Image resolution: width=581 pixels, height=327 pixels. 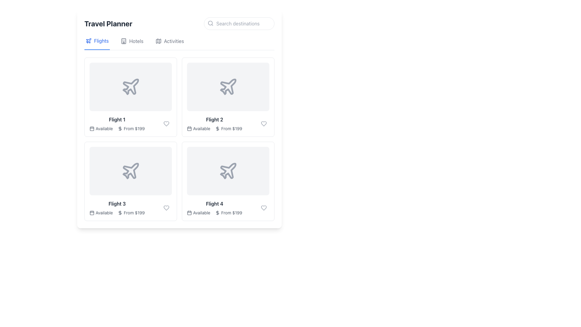 What do you see at coordinates (101, 128) in the screenshot?
I see `the label with the text 'Available' and a calendar icon to its left, located in the details section under 'Flight 1'` at bounding box center [101, 128].